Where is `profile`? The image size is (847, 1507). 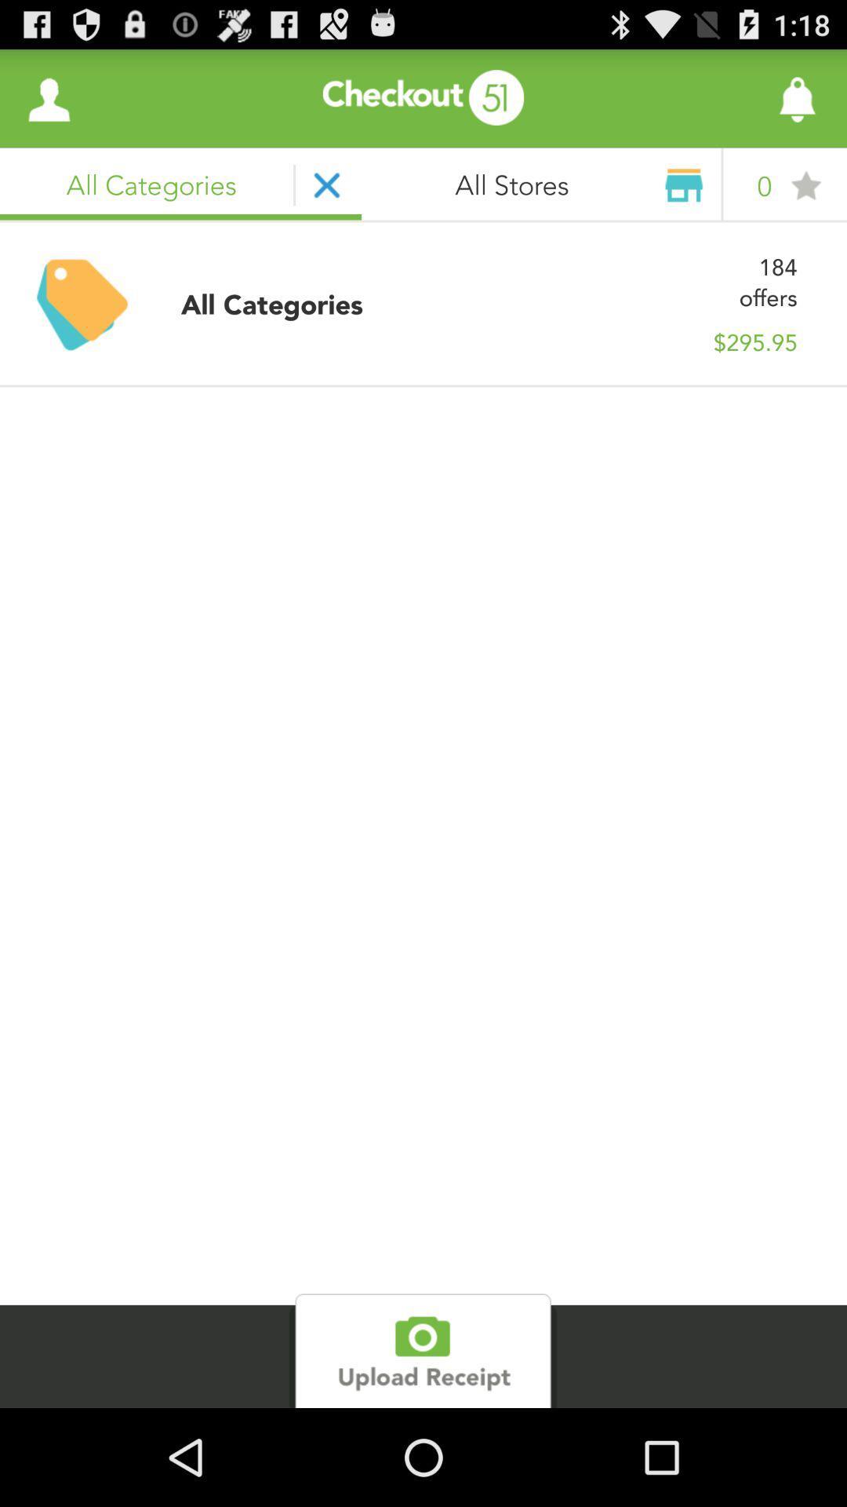 profile is located at coordinates (48, 97).